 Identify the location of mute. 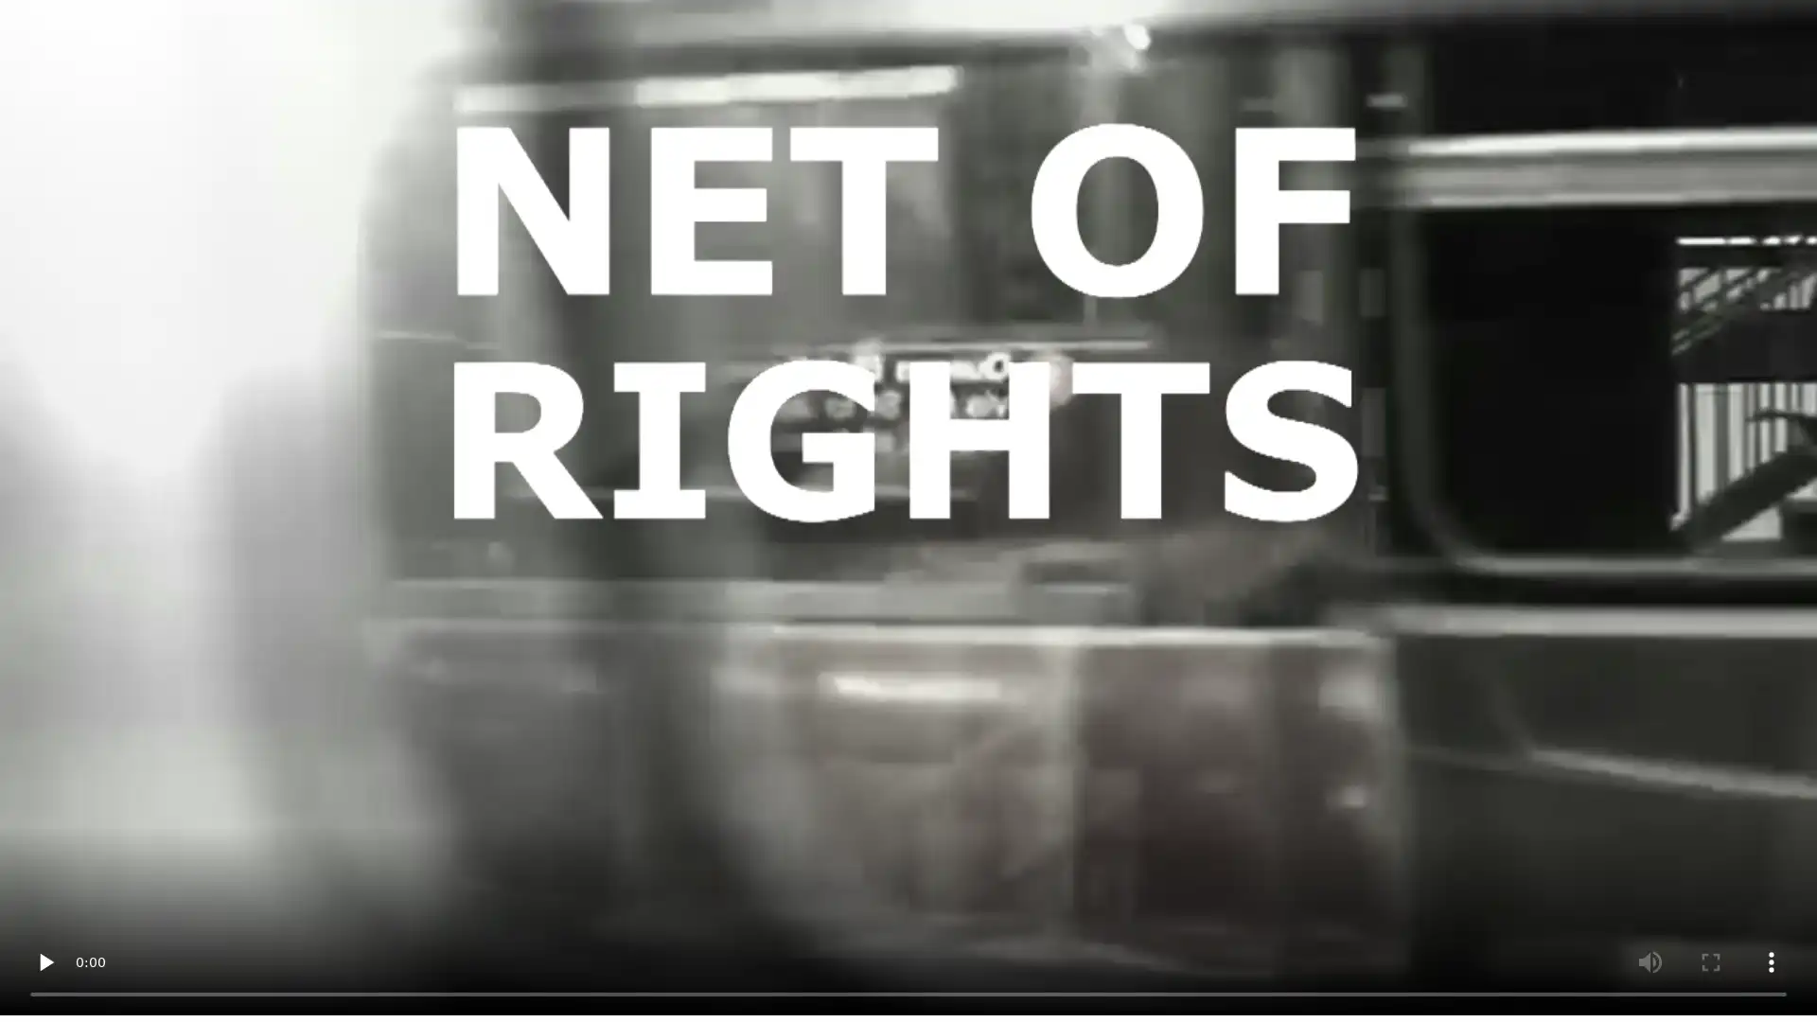
(1649, 960).